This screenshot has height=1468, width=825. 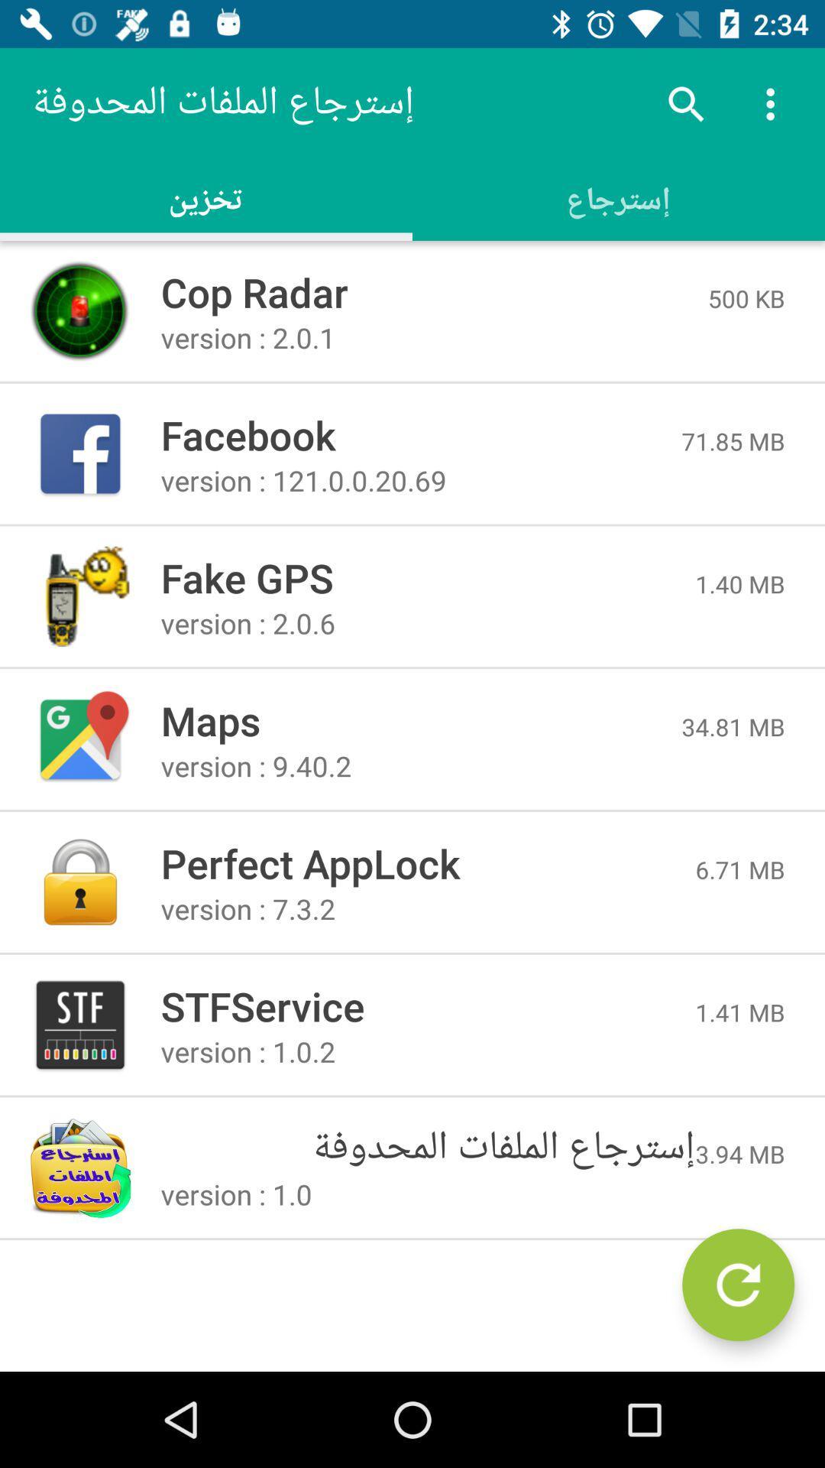 What do you see at coordinates (737, 1284) in the screenshot?
I see `the refresh icon` at bounding box center [737, 1284].